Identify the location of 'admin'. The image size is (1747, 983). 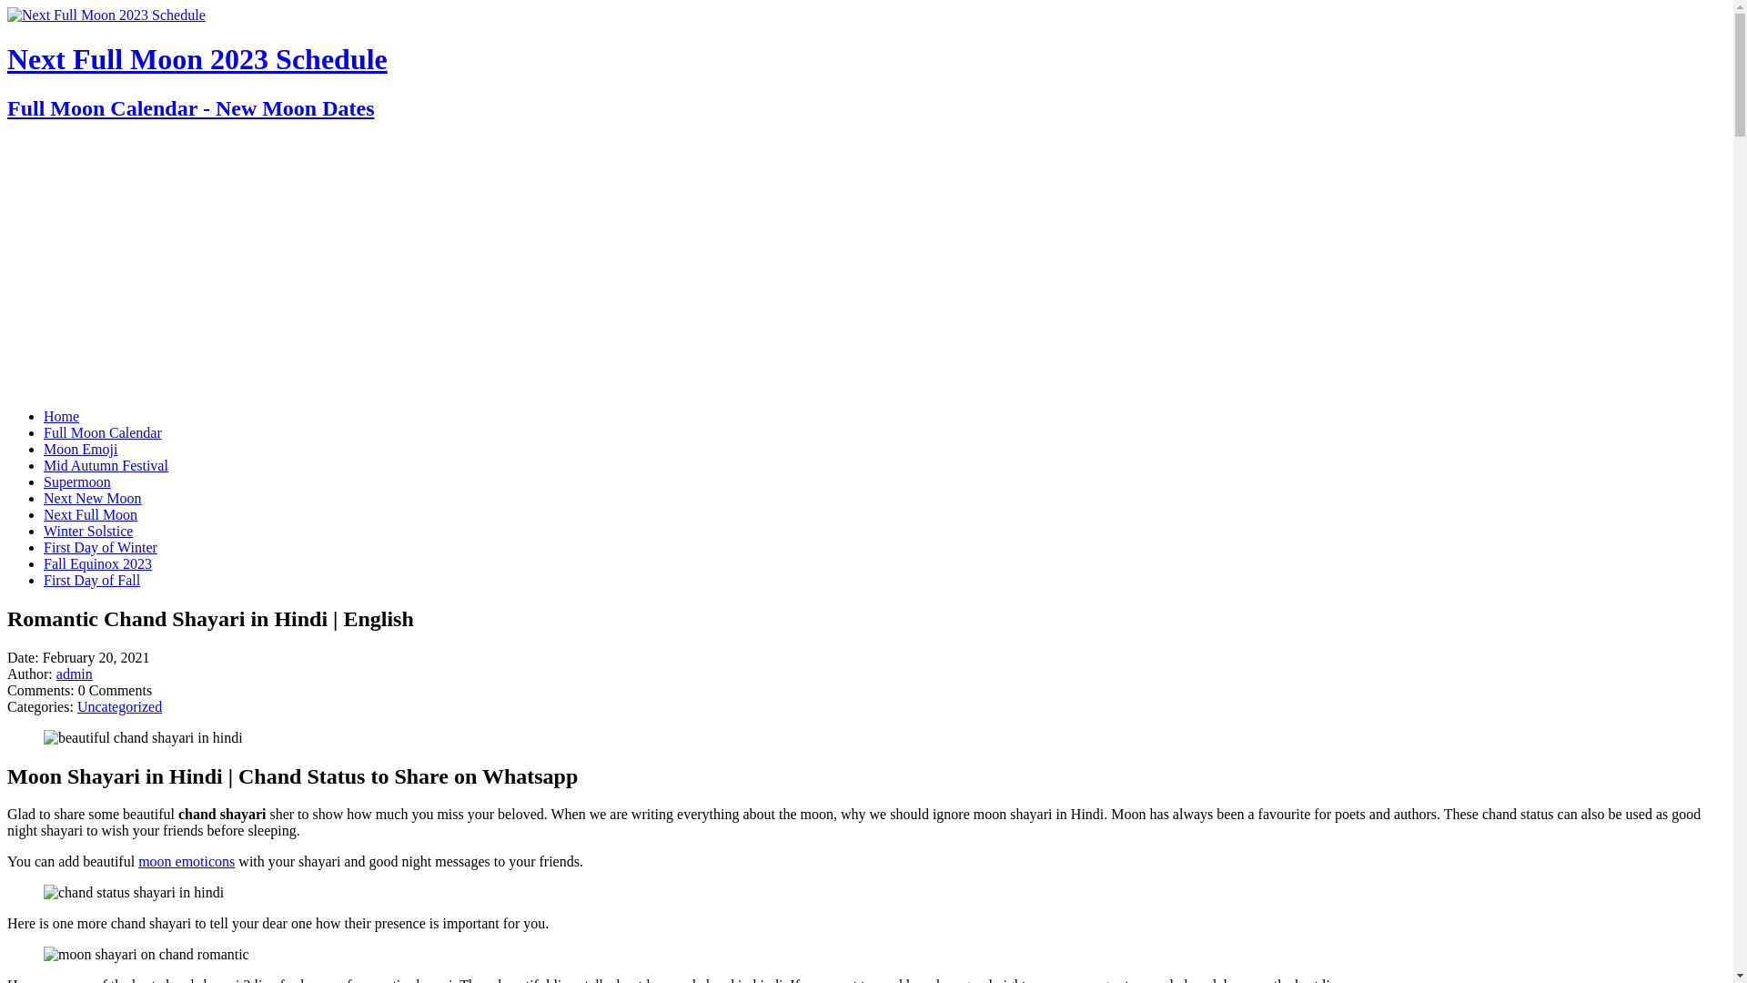
(73, 674).